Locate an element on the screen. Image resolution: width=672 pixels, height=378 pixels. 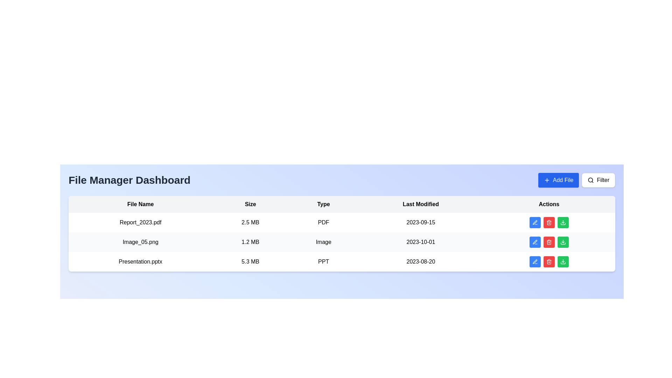
the third row of the 'File Manager Dashboard' table is located at coordinates (342, 262).